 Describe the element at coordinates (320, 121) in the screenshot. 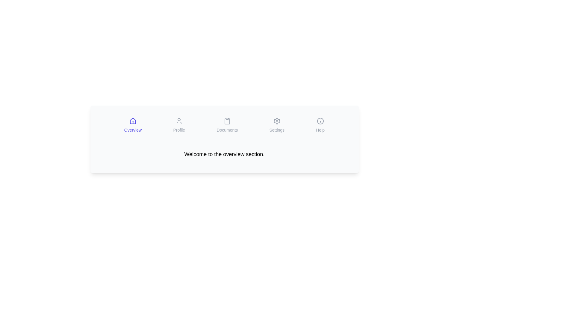

I see `the help icon represented by a circular shape located at the top right corner of the interface's navigation section` at that location.